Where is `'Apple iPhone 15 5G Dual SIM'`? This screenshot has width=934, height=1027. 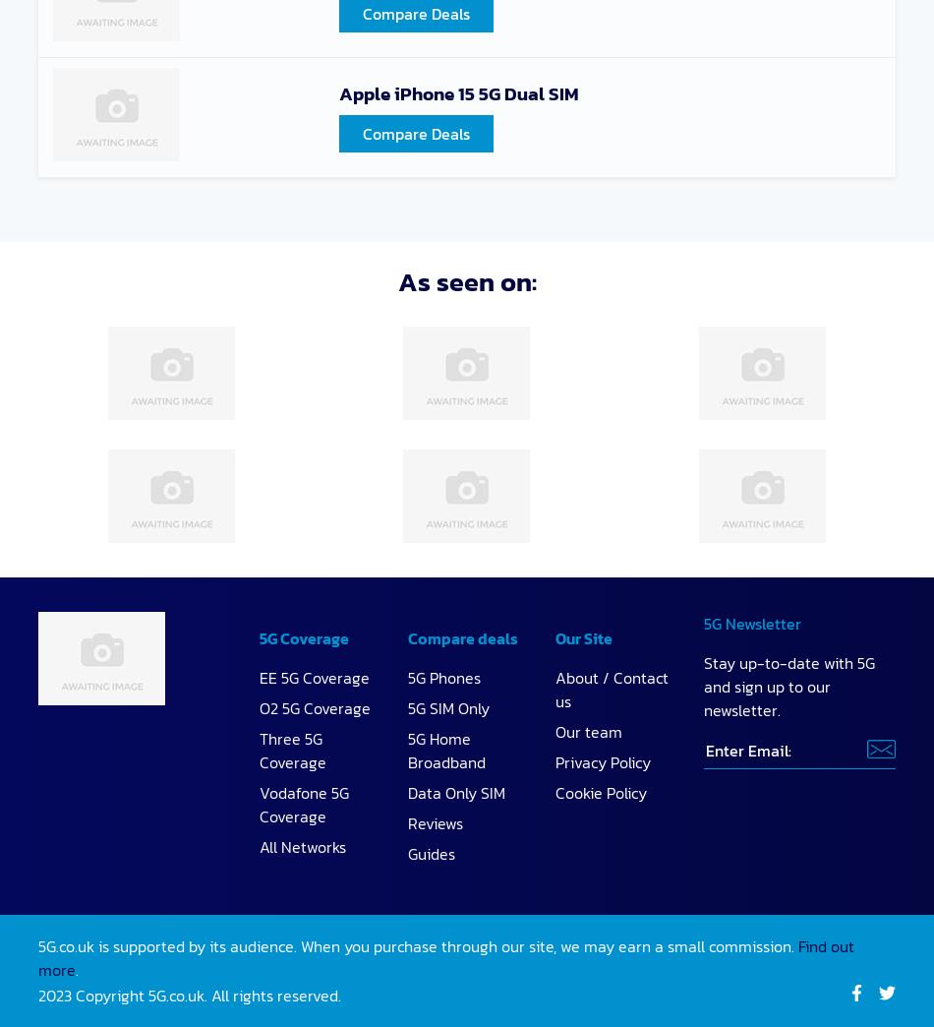 'Apple iPhone 15 5G Dual SIM' is located at coordinates (336, 92).